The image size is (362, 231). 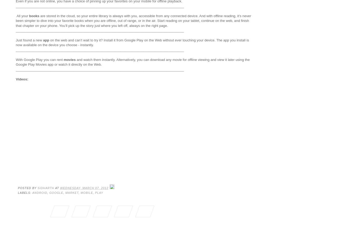 I want to click on 'market', so click(x=72, y=192).